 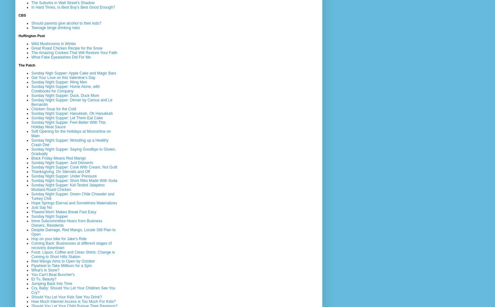 I want to click on 'The Patch', so click(x=27, y=65).